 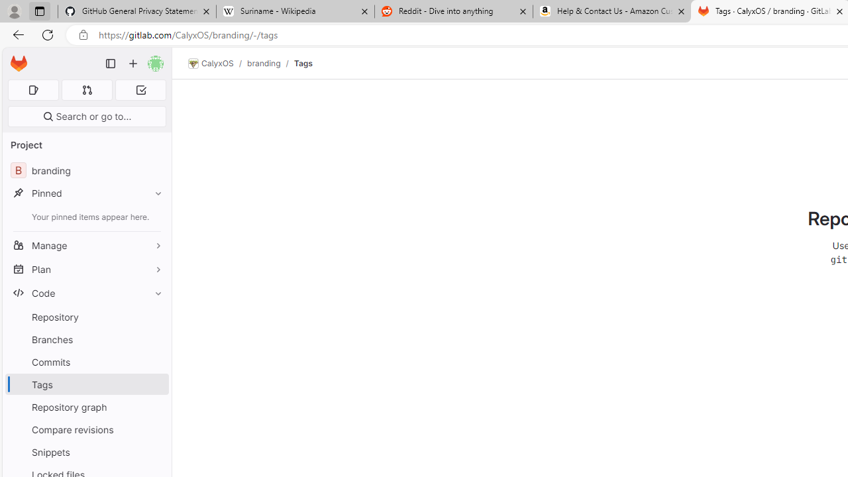 What do you see at coordinates (86, 429) in the screenshot?
I see `'Compare revisions'` at bounding box center [86, 429].